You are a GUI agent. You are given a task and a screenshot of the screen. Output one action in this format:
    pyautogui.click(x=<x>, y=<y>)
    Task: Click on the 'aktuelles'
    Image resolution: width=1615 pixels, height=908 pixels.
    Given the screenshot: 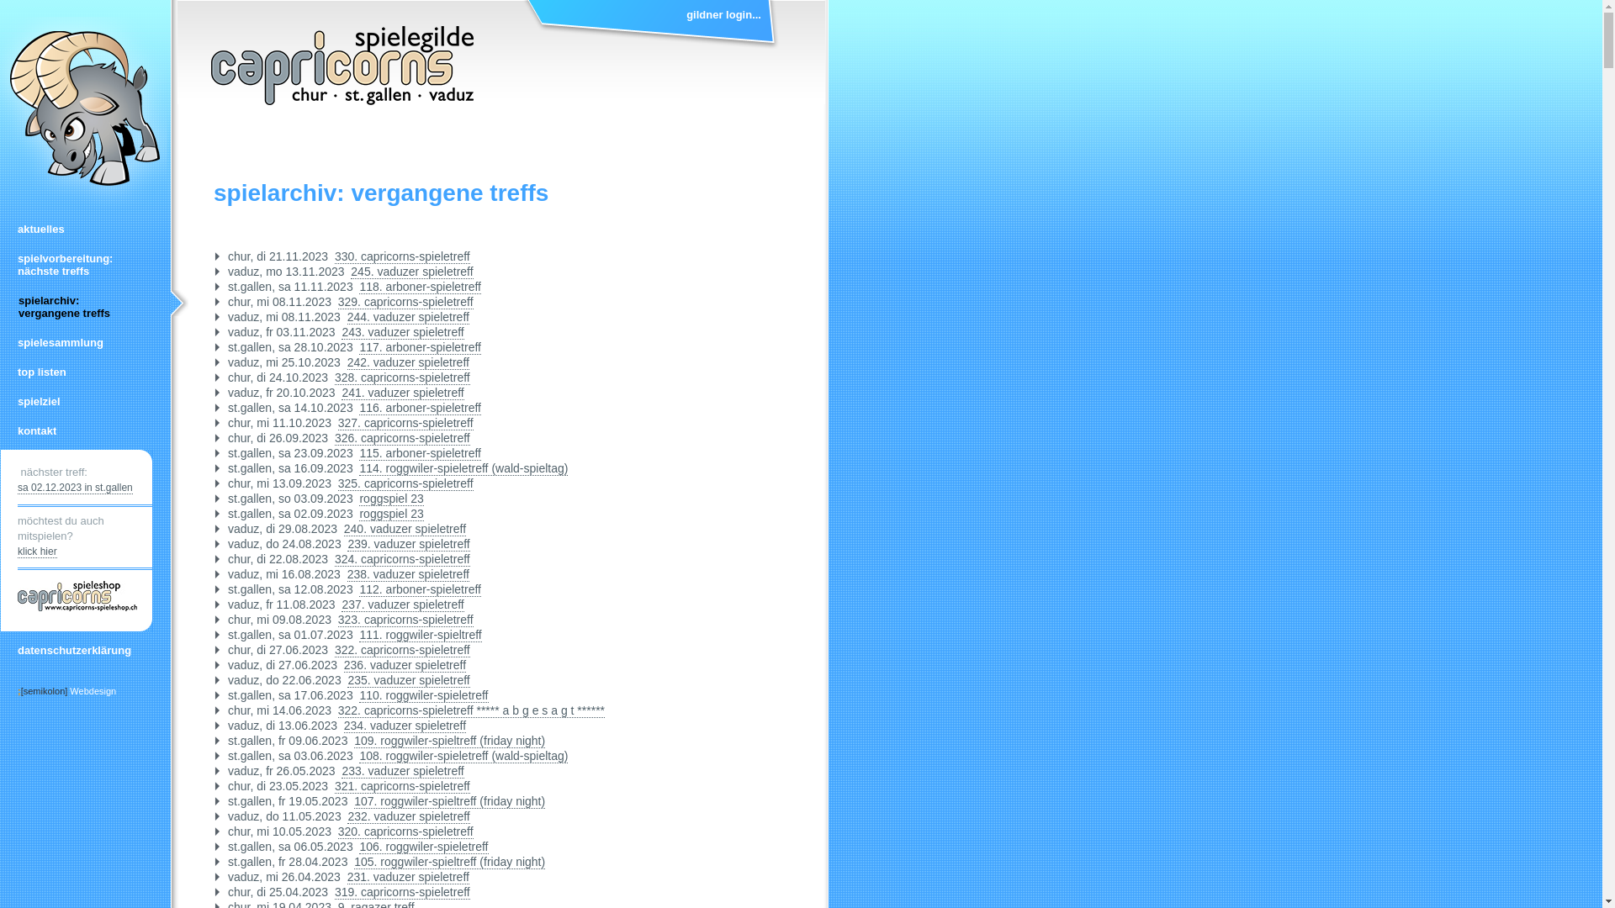 What is the action you would take?
    pyautogui.click(x=83, y=229)
    